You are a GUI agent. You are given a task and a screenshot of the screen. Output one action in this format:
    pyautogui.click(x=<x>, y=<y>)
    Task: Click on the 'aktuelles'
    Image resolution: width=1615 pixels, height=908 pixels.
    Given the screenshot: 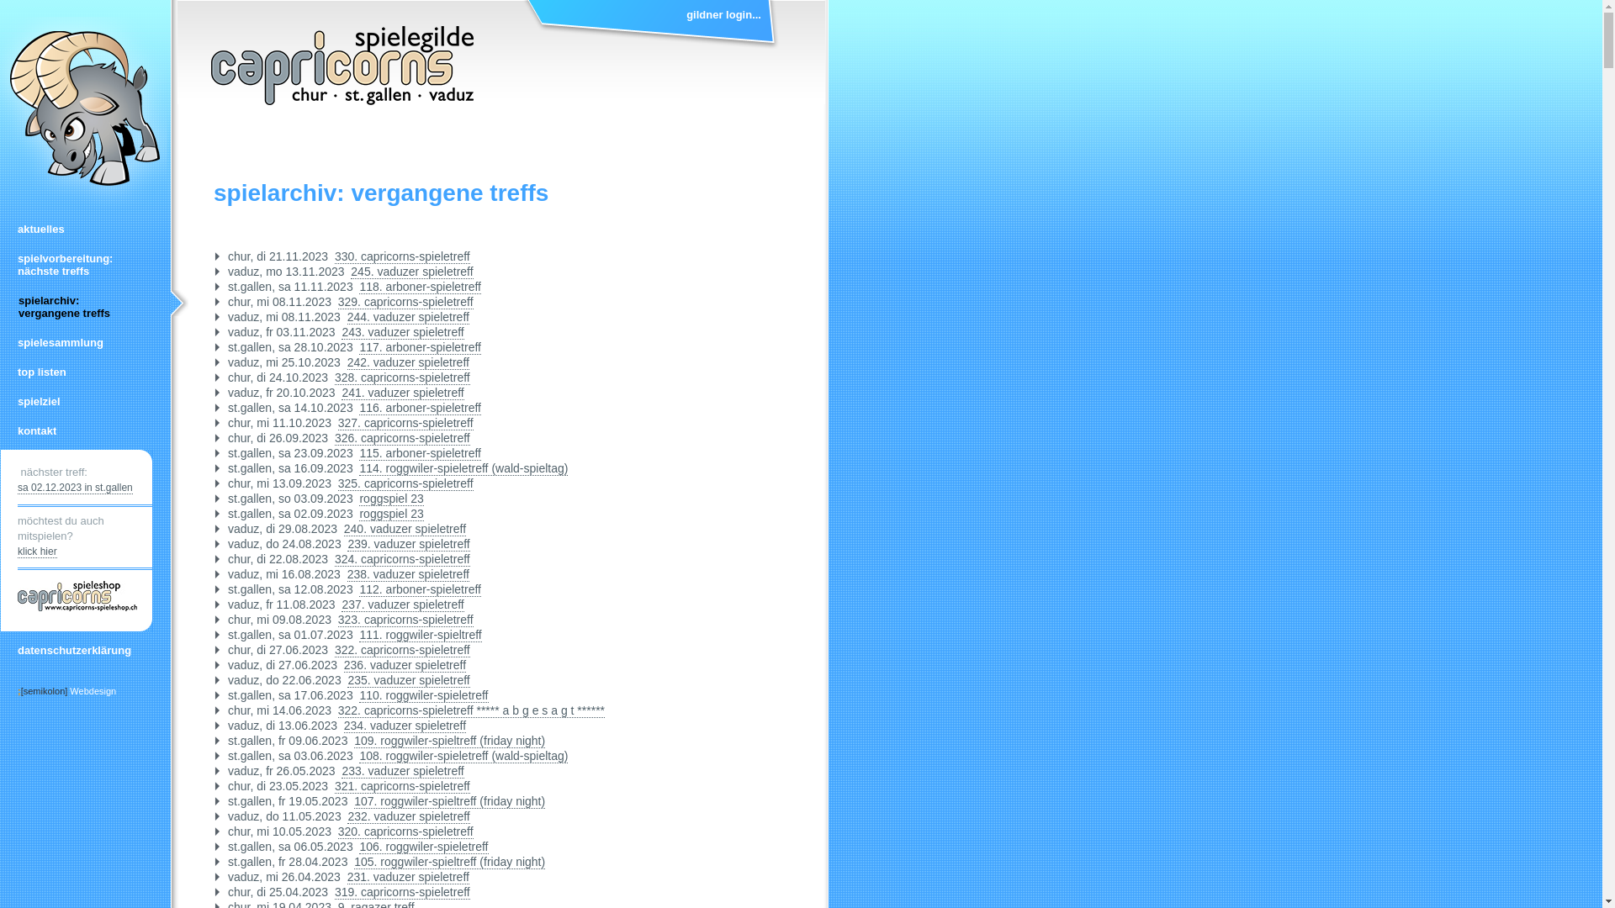 What is the action you would take?
    pyautogui.click(x=83, y=229)
    